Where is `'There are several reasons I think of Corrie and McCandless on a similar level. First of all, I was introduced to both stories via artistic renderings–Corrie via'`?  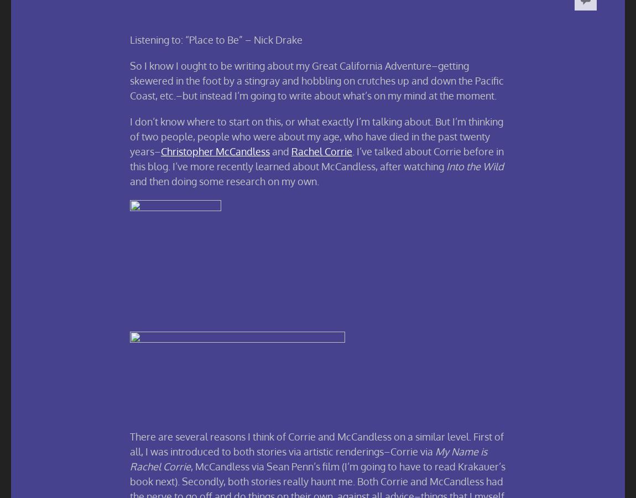 'There are several reasons I think of Corrie and McCandless on a similar level. First of all, I was introduced to both stories via artistic renderings–Corrie via' is located at coordinates (317, 443).